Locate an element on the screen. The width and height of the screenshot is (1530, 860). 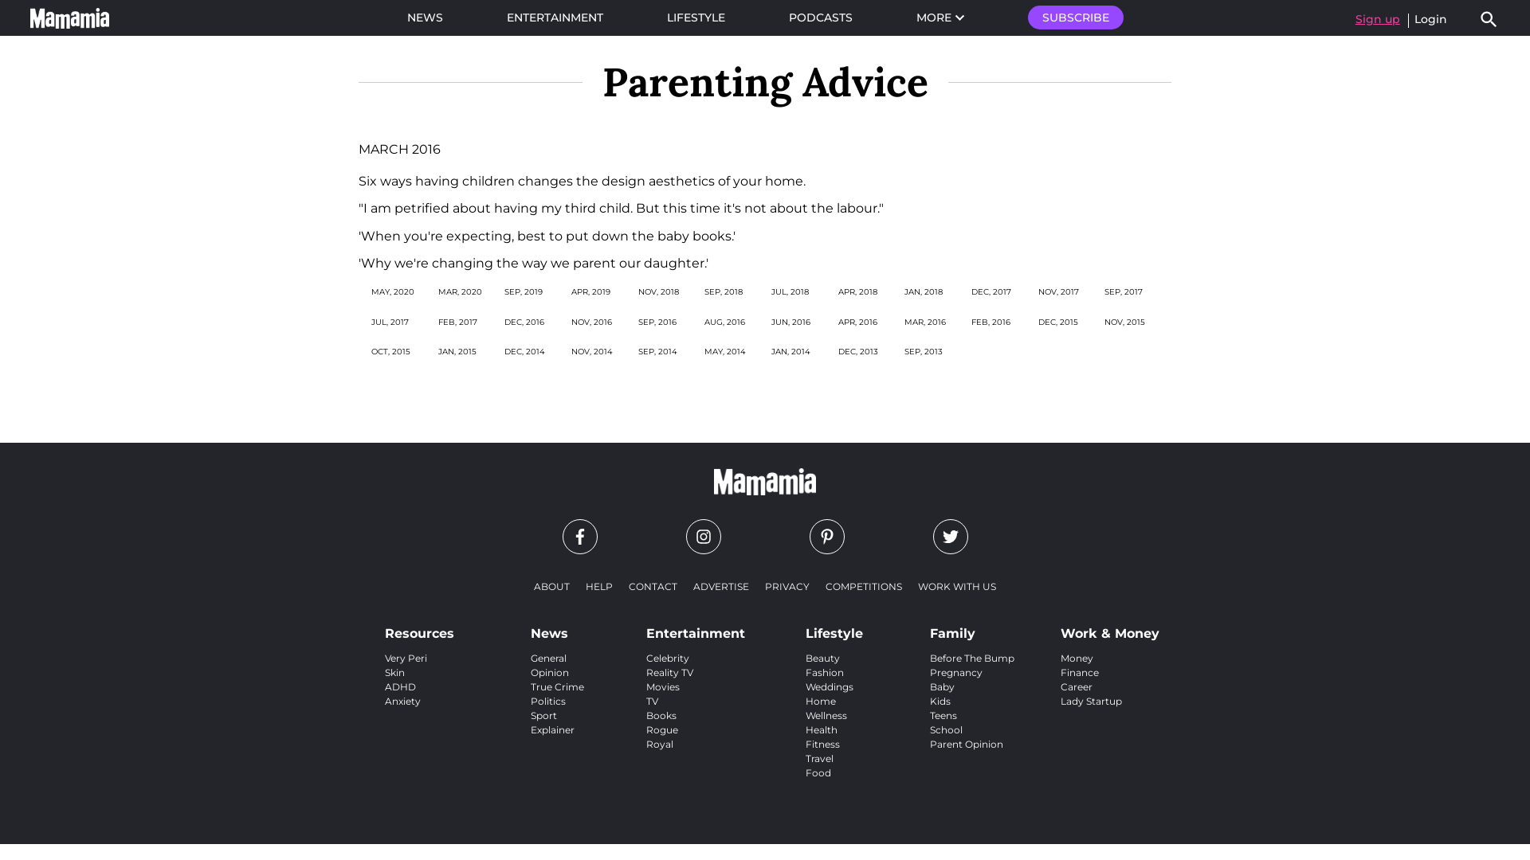
'FEB, 2017' is located at coordinates (457, 322).